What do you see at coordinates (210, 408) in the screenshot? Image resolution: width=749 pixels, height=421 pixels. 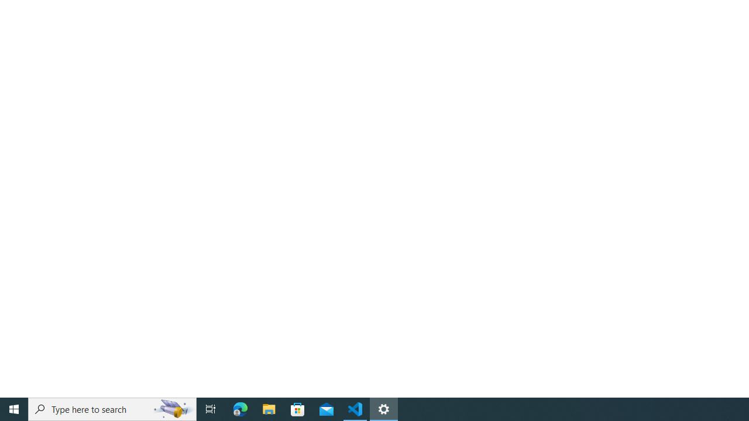 I see `'Task View'` at bounding box center [210, 408].